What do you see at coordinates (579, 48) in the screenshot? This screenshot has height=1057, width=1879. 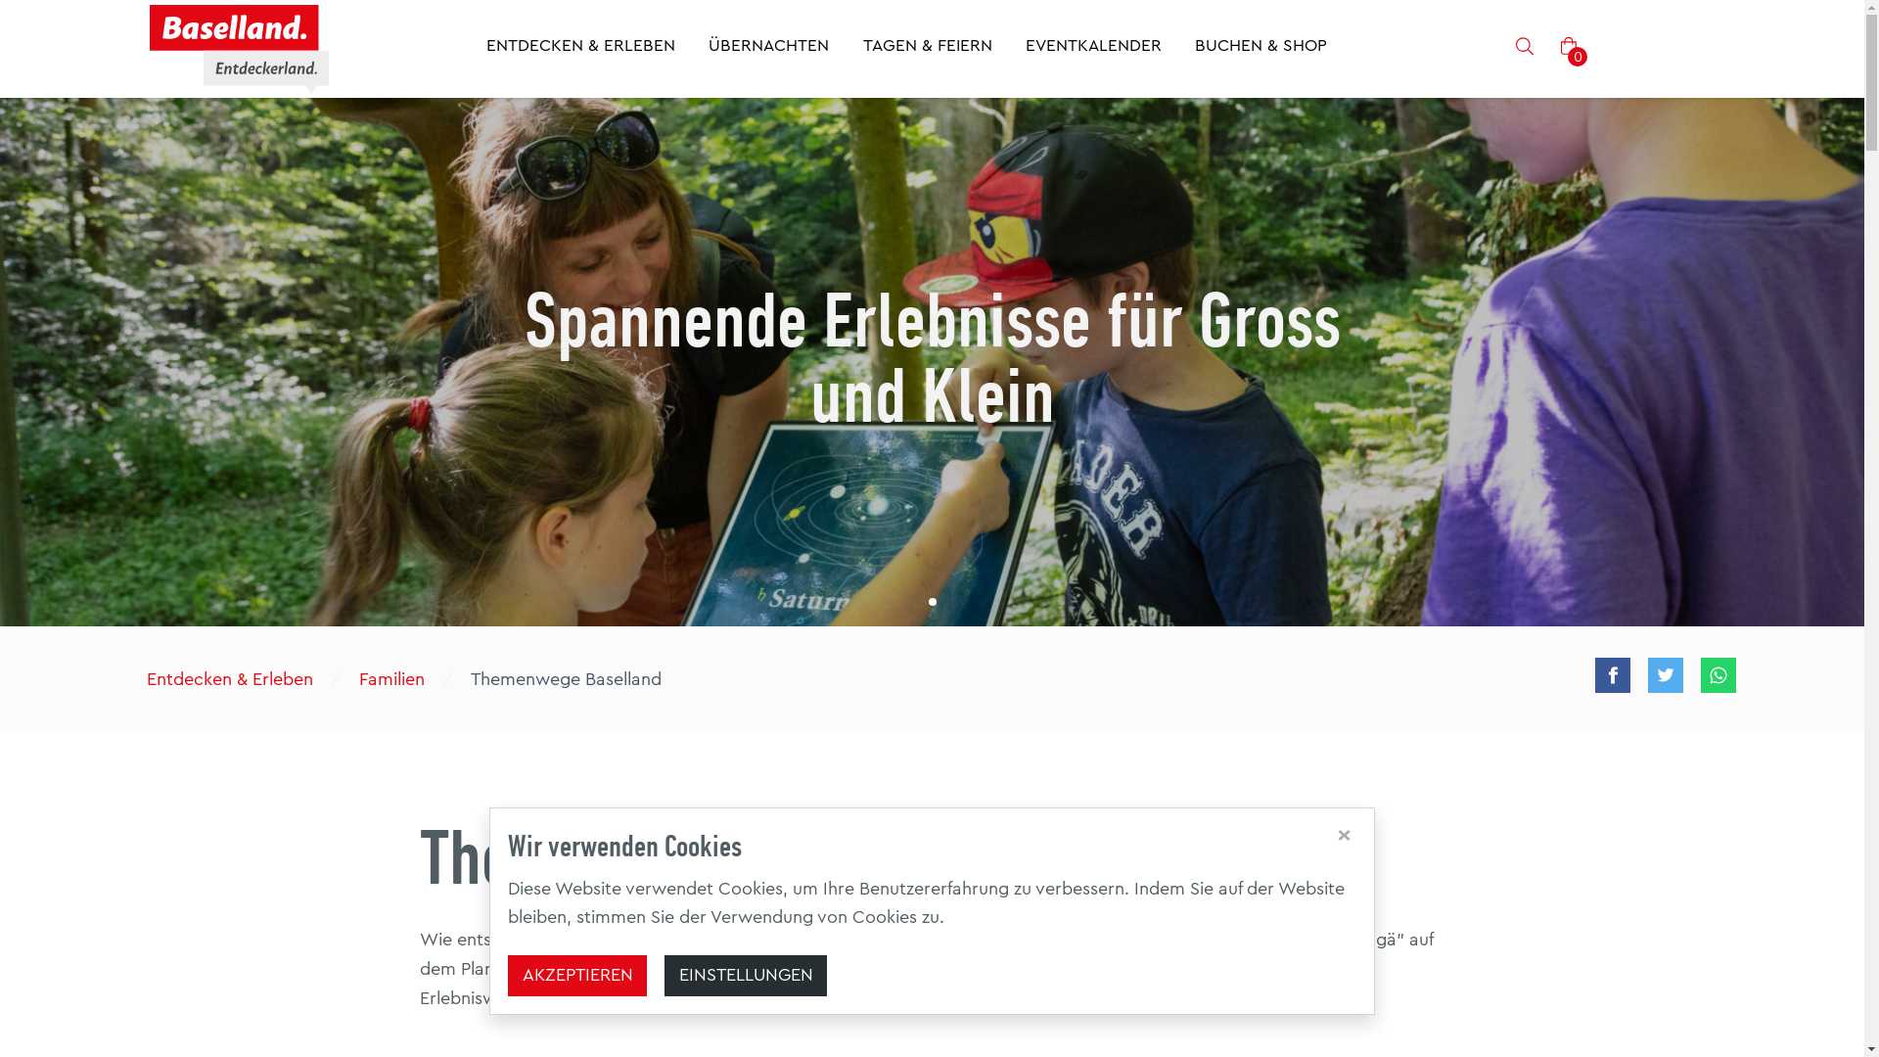 I see `'ENTDECKEN & ERLEBEN'` at bounding box center [579, 48].